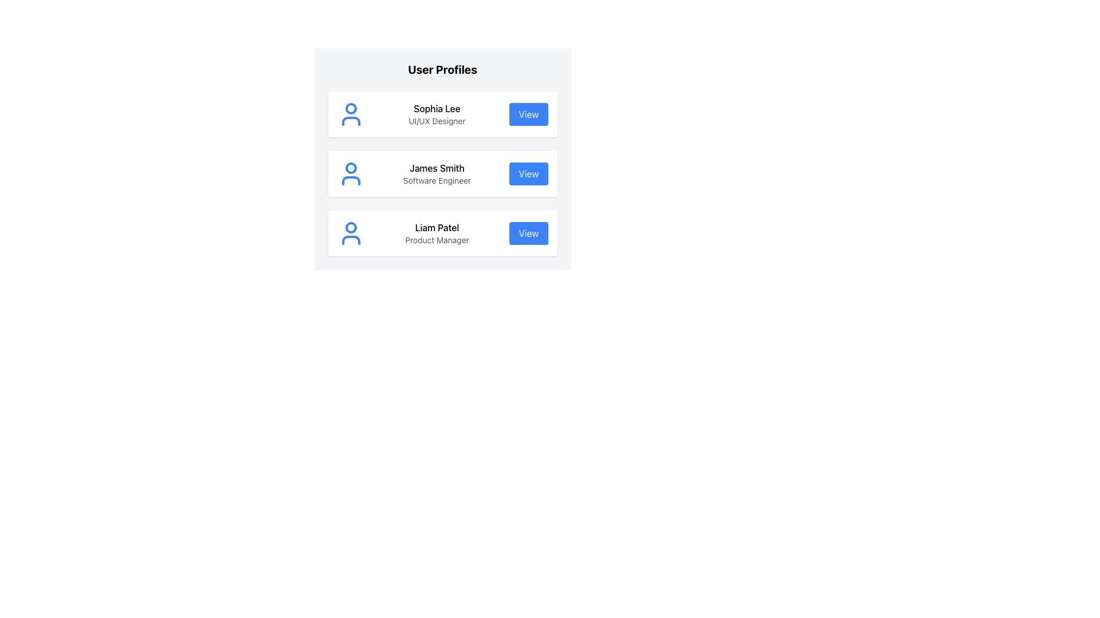  Describe the element at coordinates (437, 240) in the screenshot. I see `the text label indicating the user's role as 'Product Manager', located beneath 'Liam Patel' in the third user profile card` at that location.